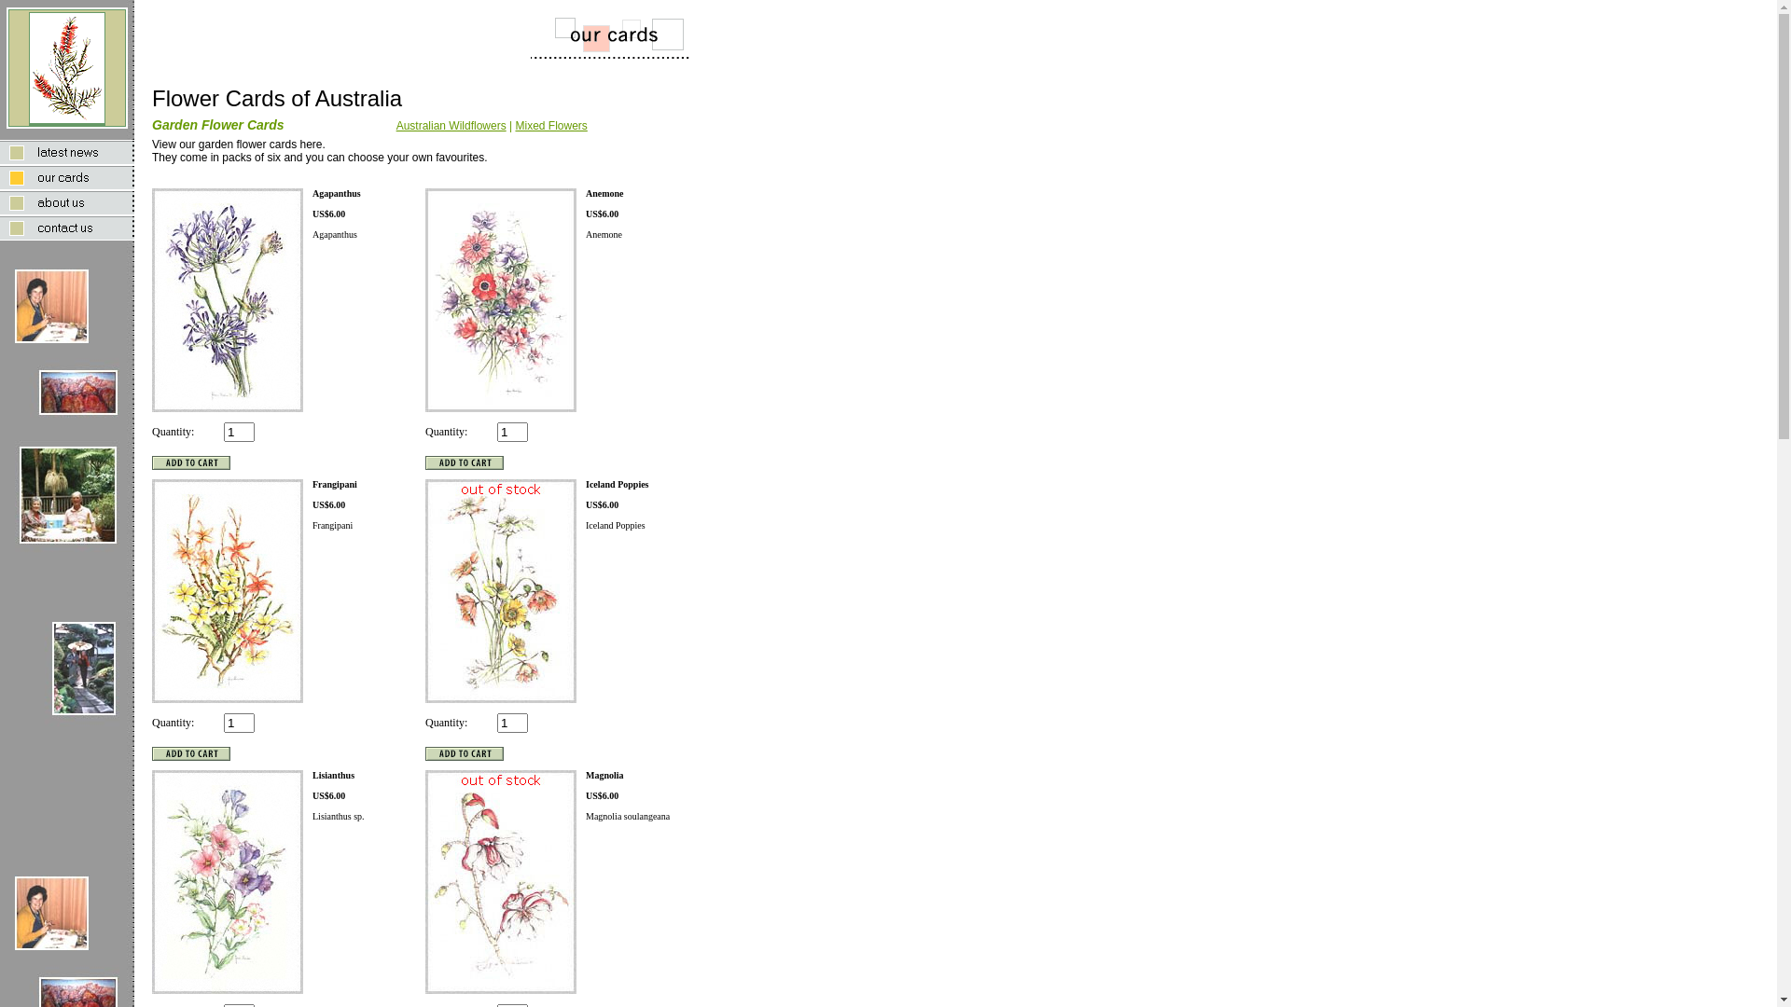  I want to click on 'contact us', so click(0, 227).